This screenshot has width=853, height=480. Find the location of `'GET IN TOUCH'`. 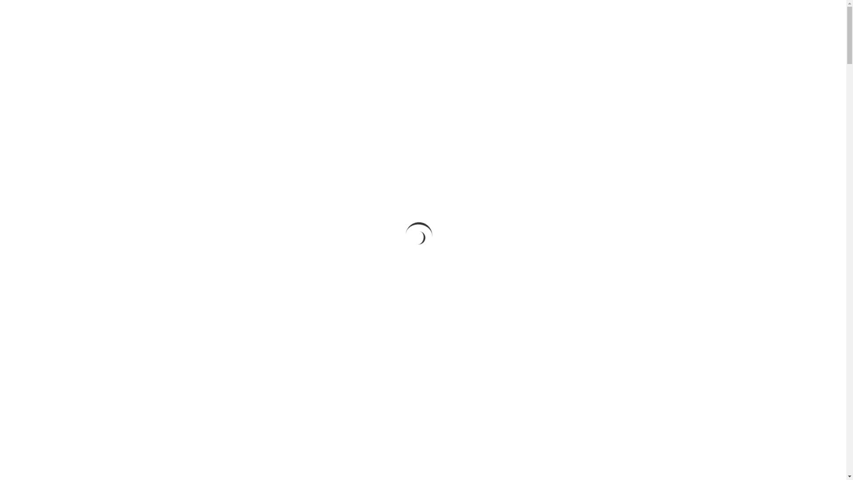

'GET IN TOUCH' is located at coordinates (601, 16).